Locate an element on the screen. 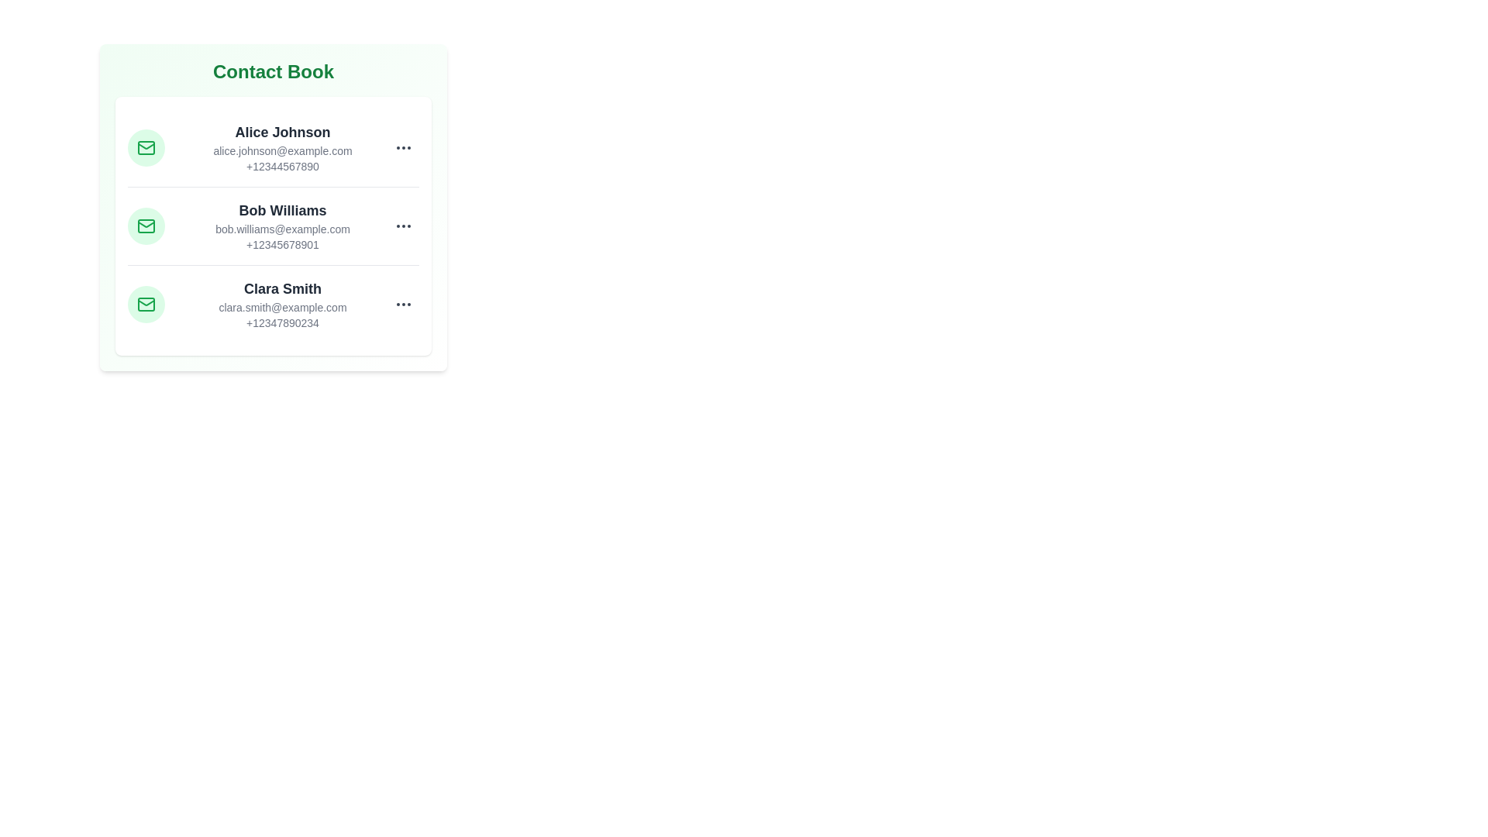 This screenshot has width=1488, height=837. 'More' button for the contact Bob Williams is located at coordinates (404, 226).